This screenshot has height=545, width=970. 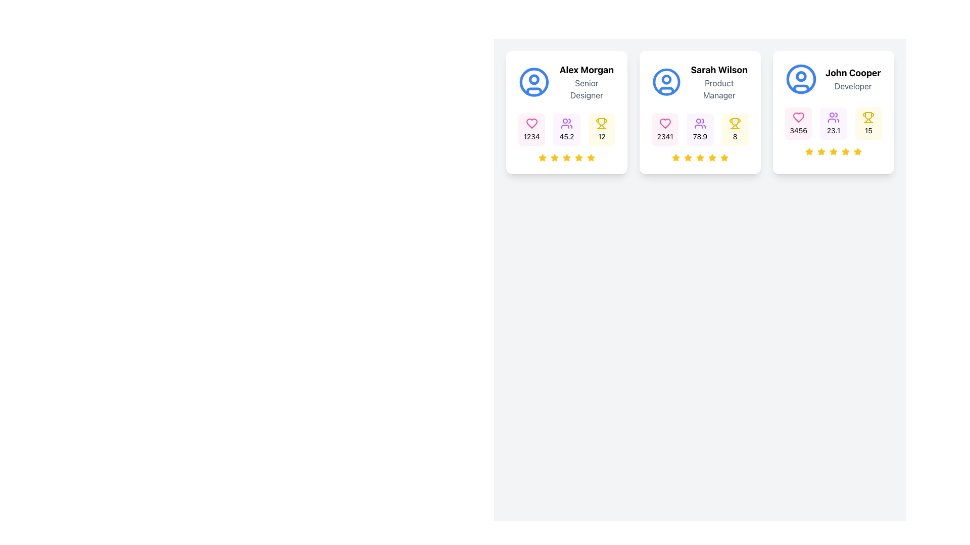 I want to click on the text label indicating the job title associated with 'John Cooper' in the last card on the rightmost side, so click(x=852, y=85).